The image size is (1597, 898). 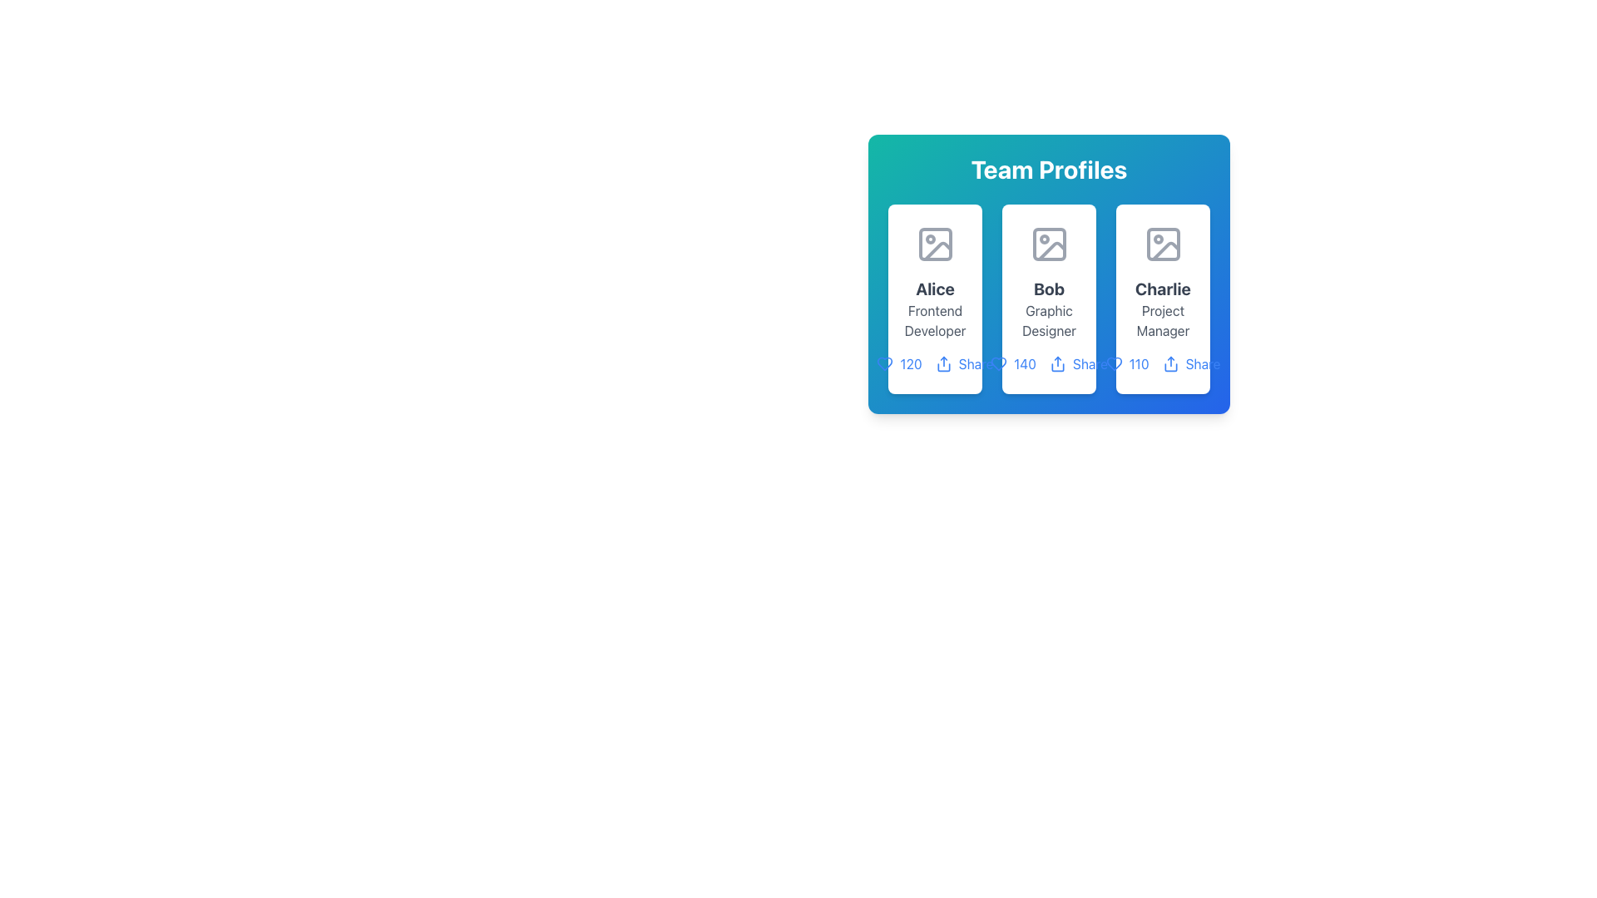 I want to click on the Decorative SVG rectangle located in the top-left part of the user profile card labeled 'Alice', so click(x=935, y=244).